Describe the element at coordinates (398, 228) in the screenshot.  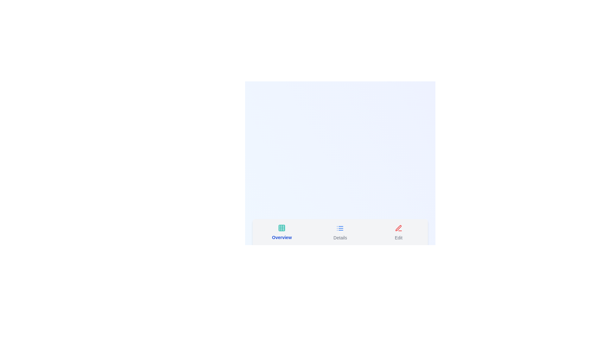
I see `the icon of the Edit tab` at that location.